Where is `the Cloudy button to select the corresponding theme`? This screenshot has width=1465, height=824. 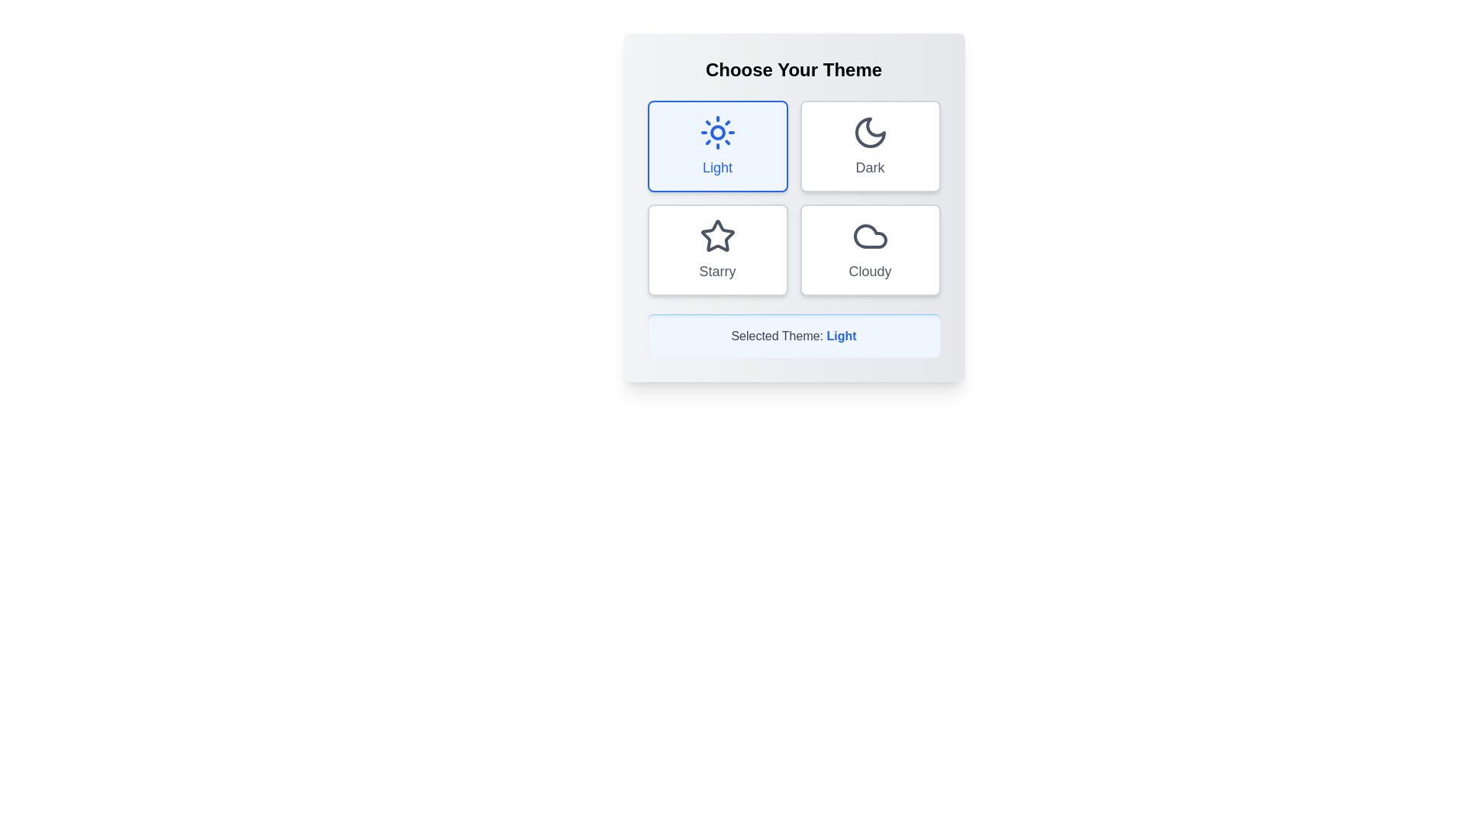
the Cloudy button to select the corresponding theme is located at coordinates (870, 249).